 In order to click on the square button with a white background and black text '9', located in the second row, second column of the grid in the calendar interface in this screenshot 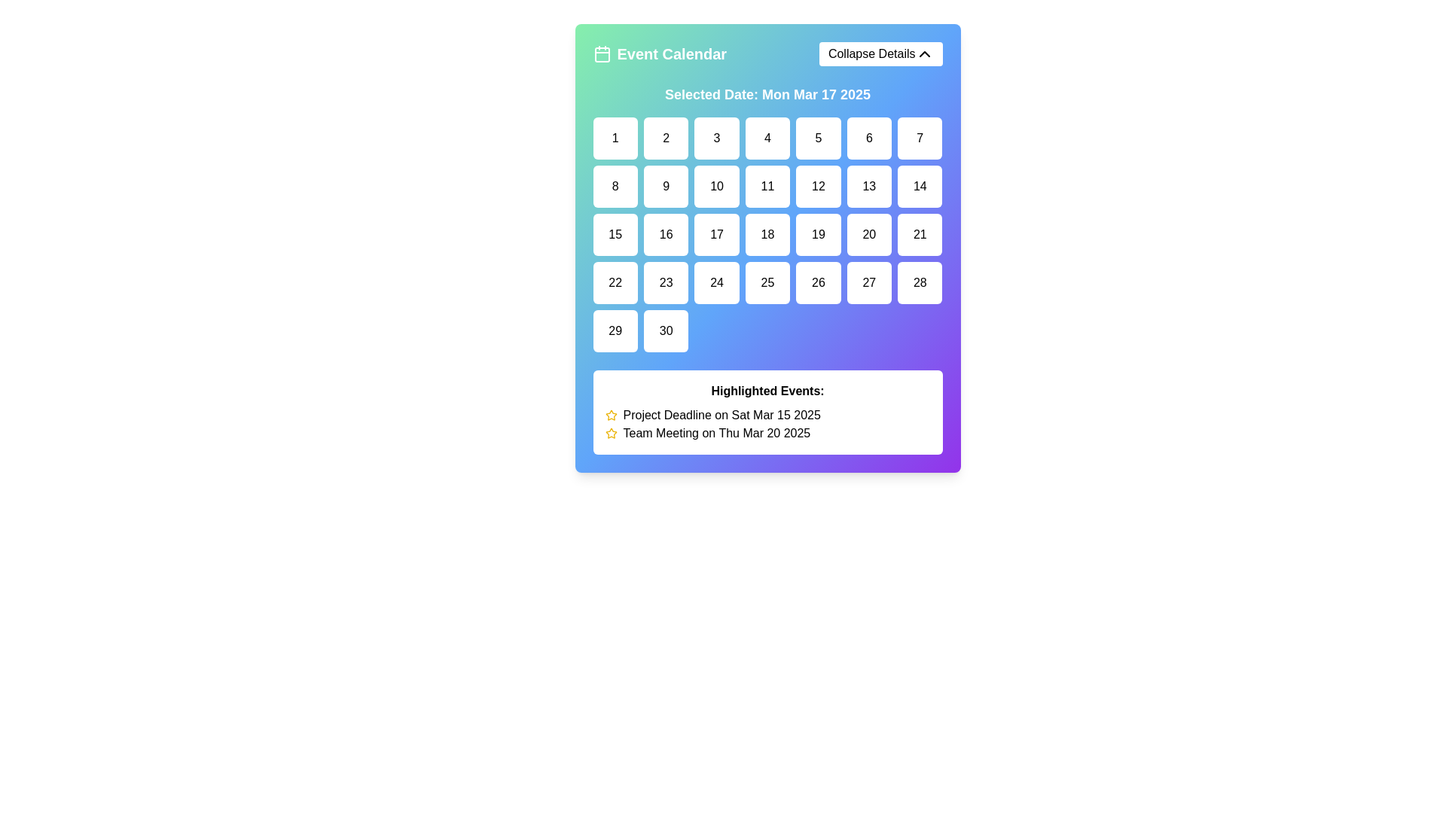, I will do `click(665, 185)`.